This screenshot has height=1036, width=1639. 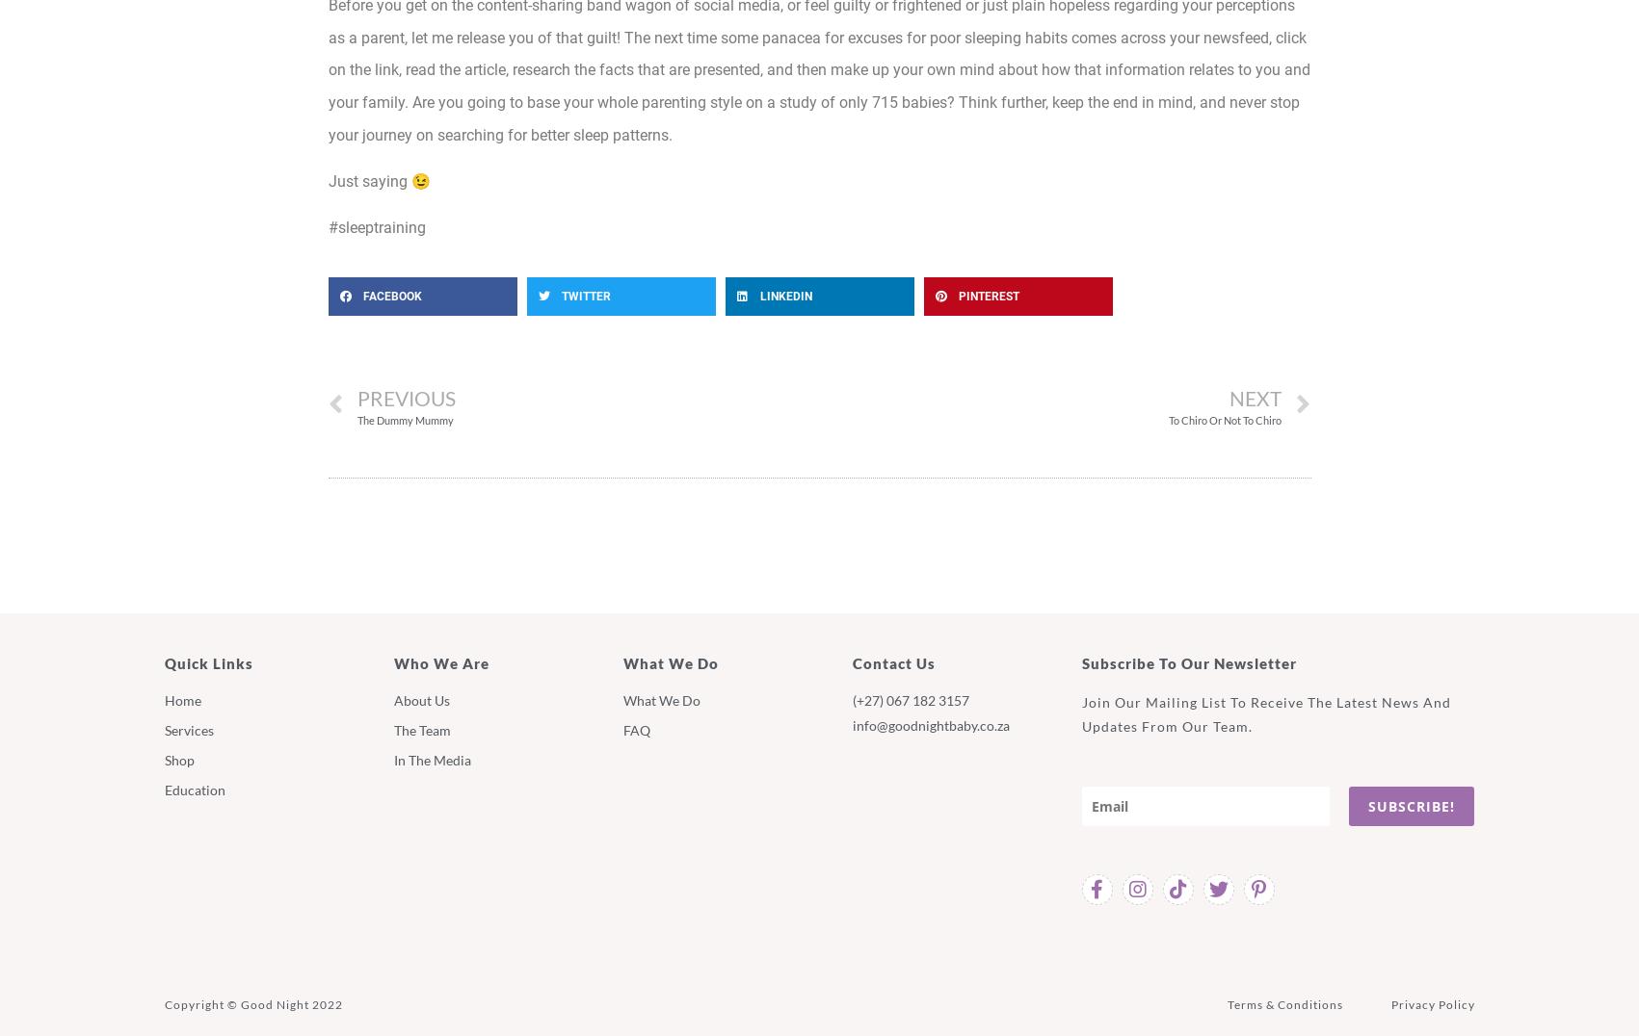 What do you see at coordinates (784, 294) in the screenshot?
I see `'LinkedIn'` at bounding box center [784, 294].